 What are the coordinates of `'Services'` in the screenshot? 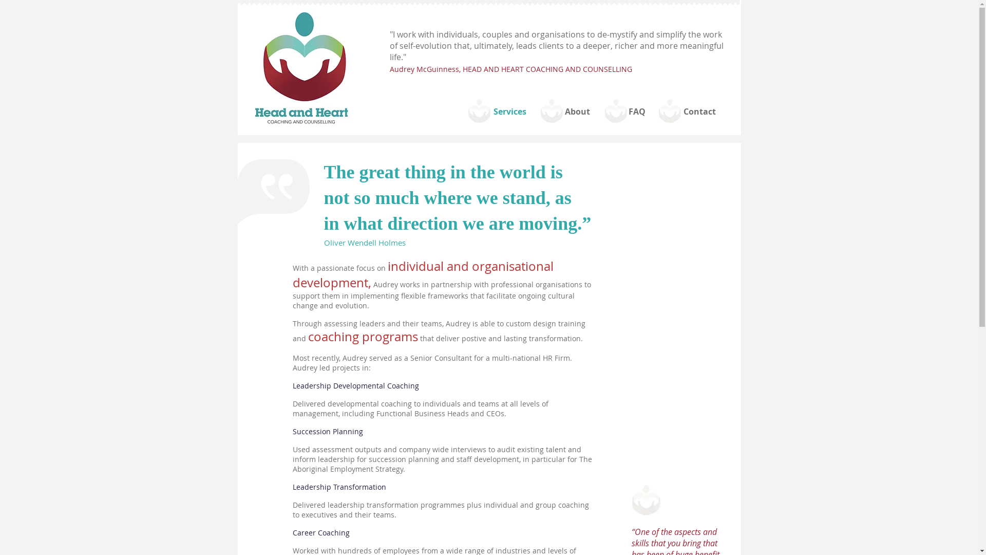 It's located at (510, 112).